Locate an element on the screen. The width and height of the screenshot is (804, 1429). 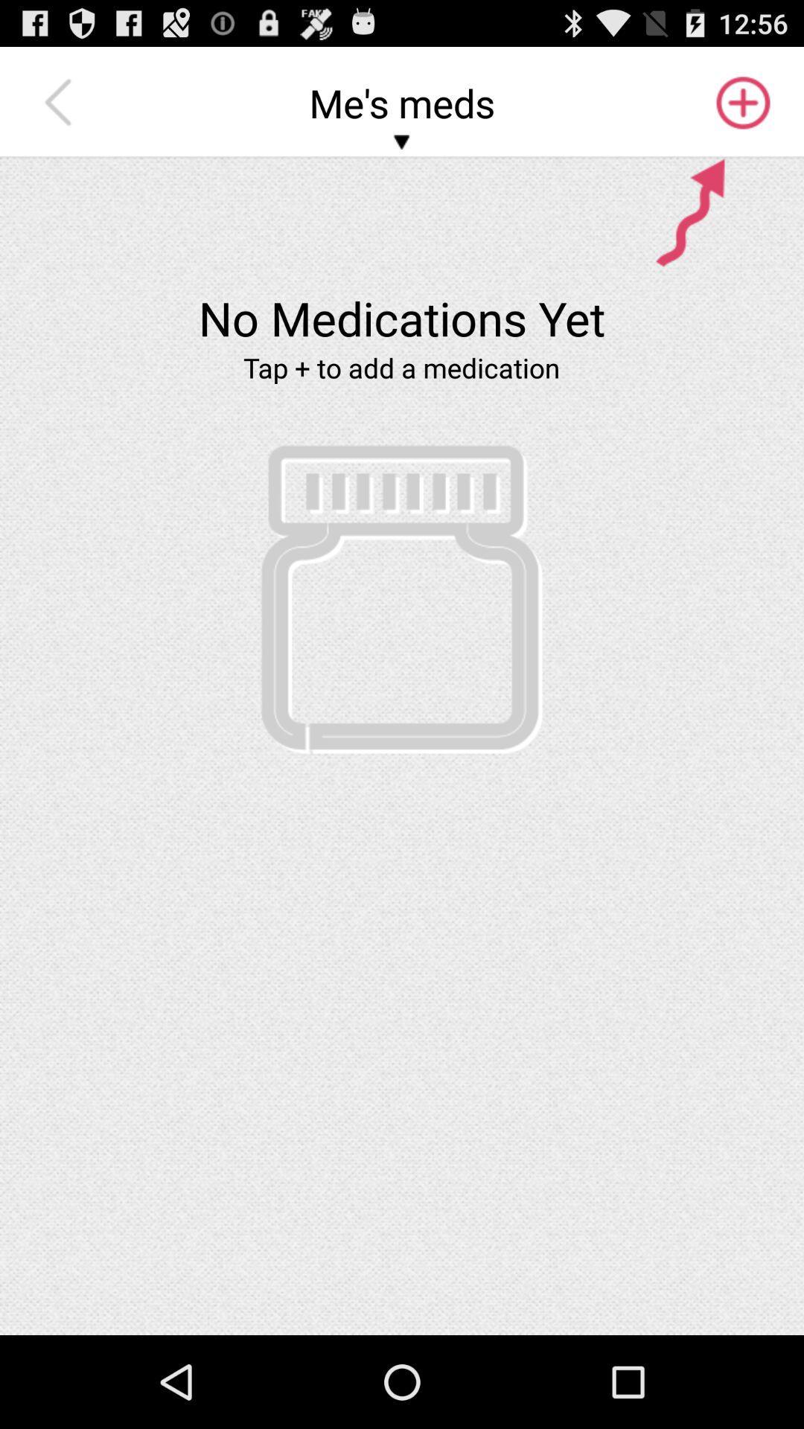
icon at the top left corner is located at coordinates (61, 102).